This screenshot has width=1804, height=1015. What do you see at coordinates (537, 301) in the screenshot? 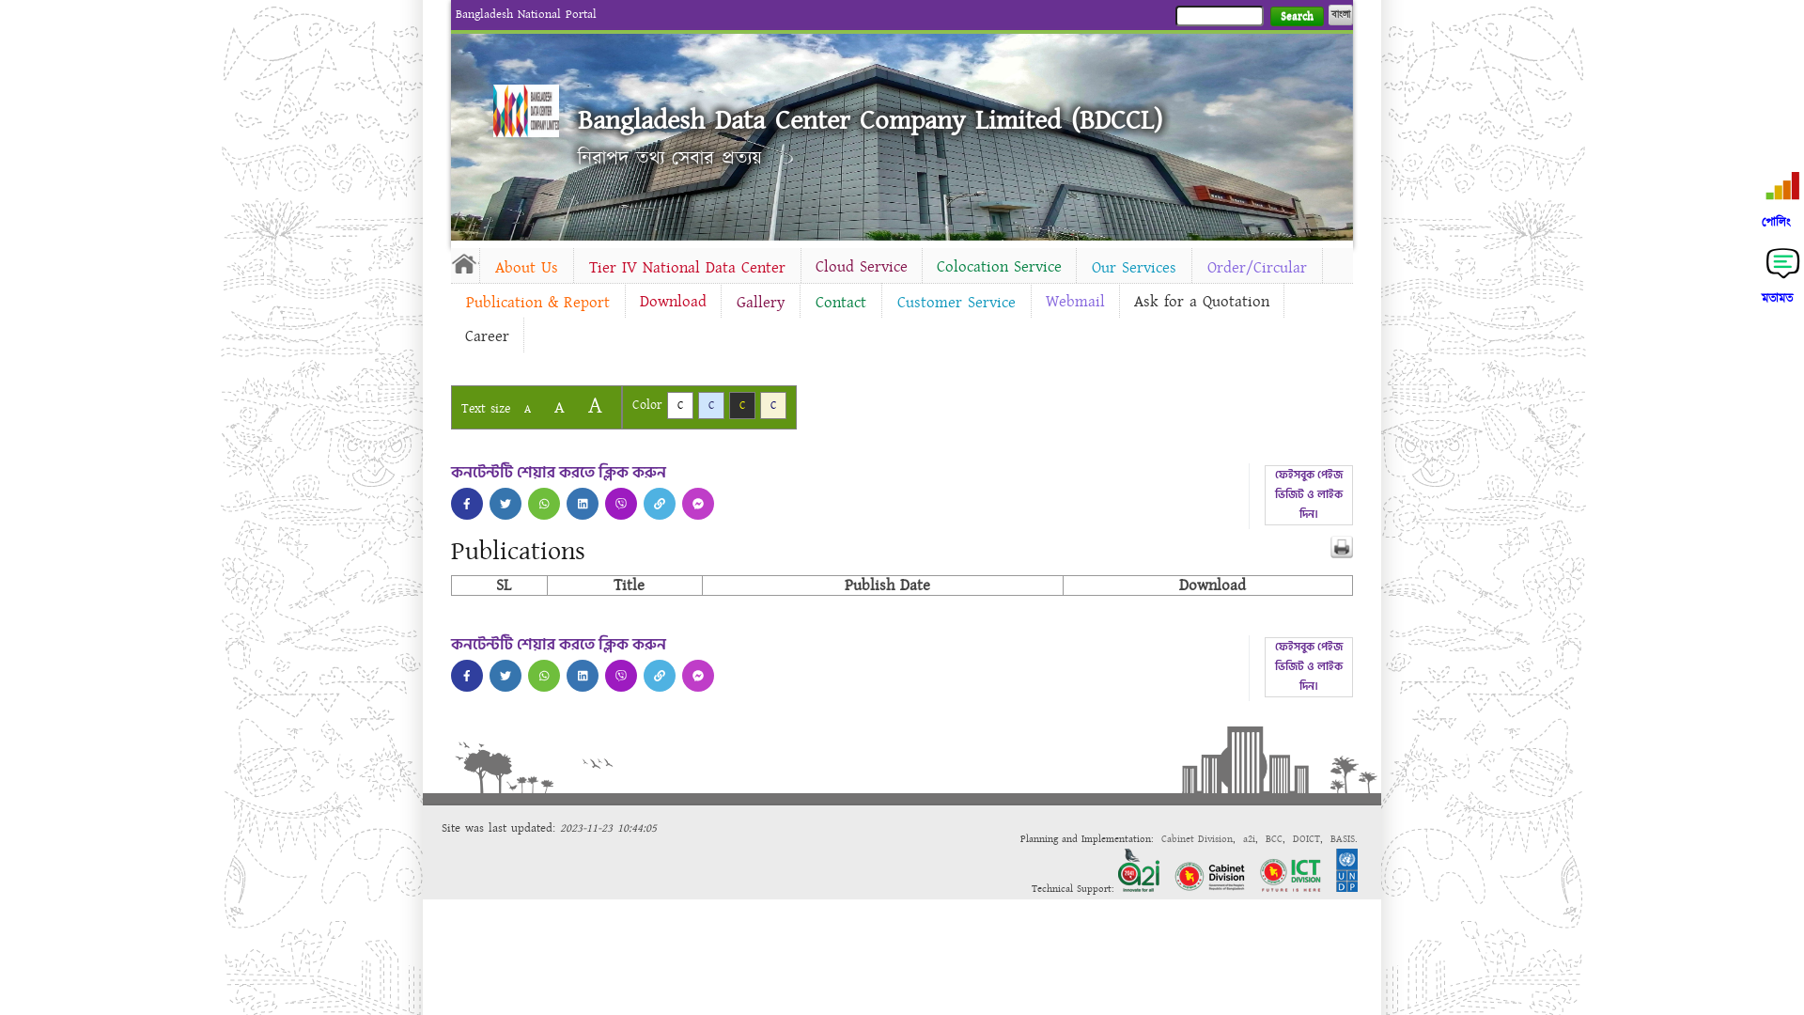
I see `'Publication & Report'` at bounding box center [537, 301].